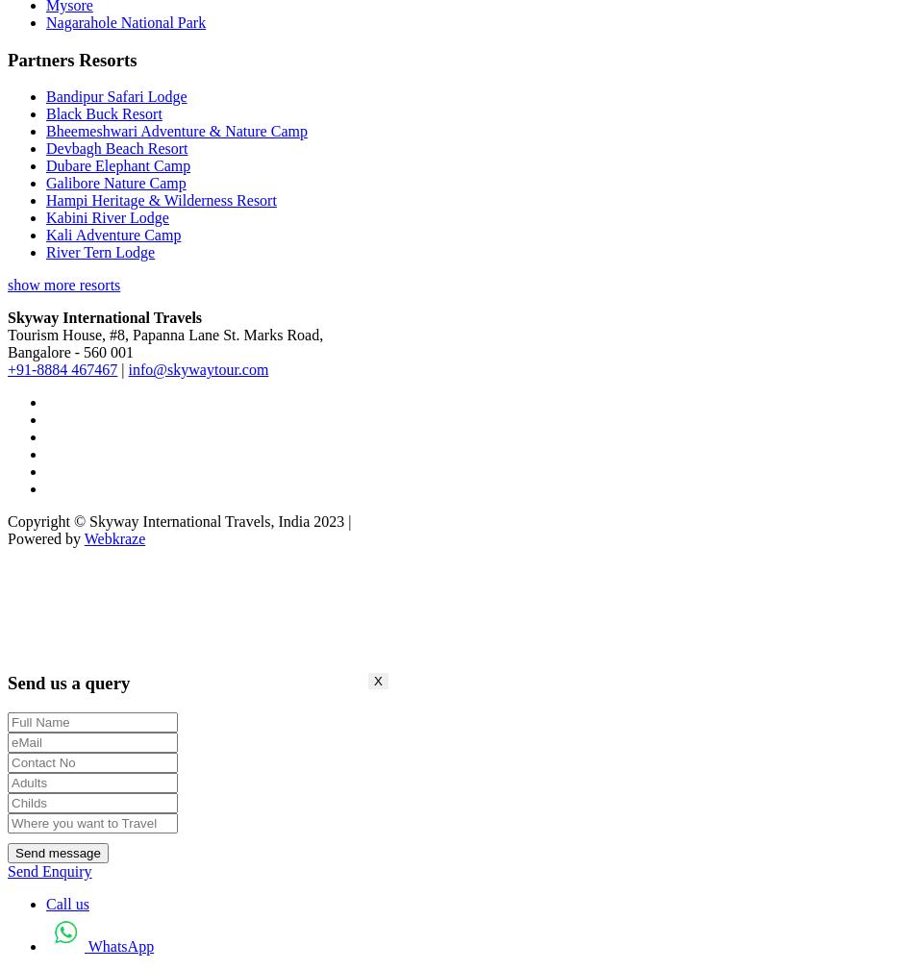  What do you see at coordinates (161, 199) in the screenshot?
I see `'Hampi Heritage & Wilderness Resort'` at bounding box center [161, 199].